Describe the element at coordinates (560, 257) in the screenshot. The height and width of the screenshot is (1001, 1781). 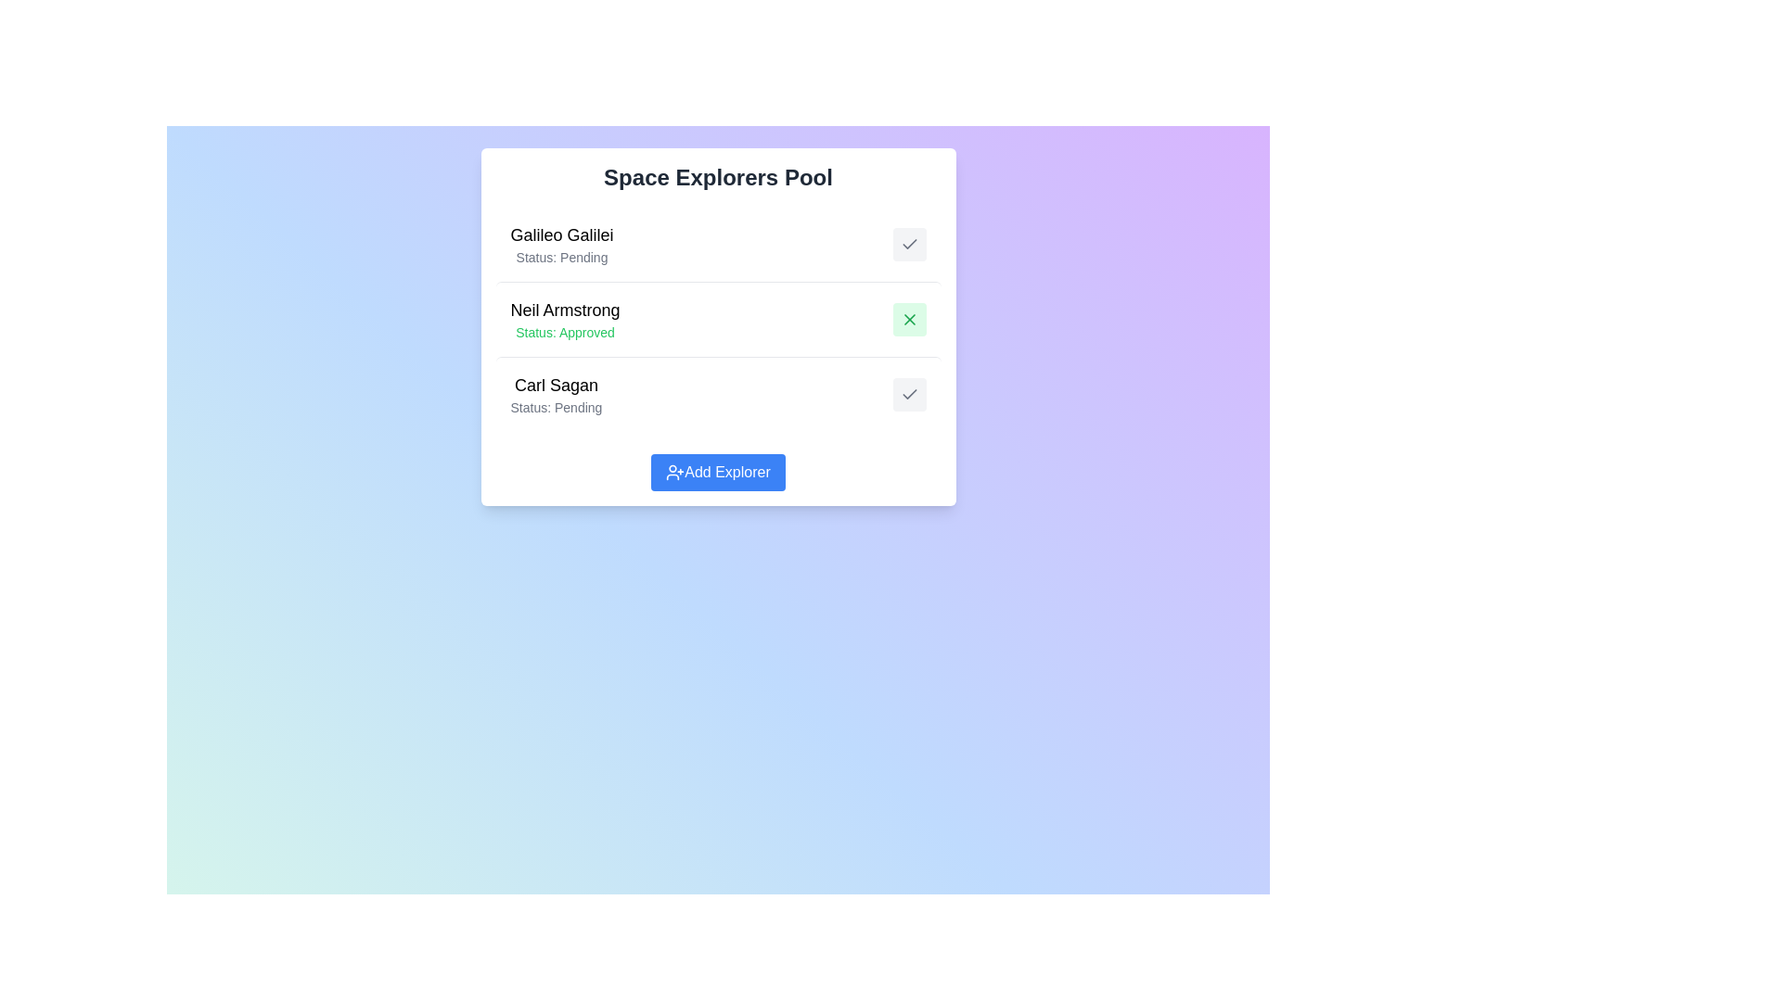
I see `the informational Text Label displaying the status 'Pending' for the individual 'Galileo Galilei', which is located under the heading 'Space Explorers Pool'` at that location.